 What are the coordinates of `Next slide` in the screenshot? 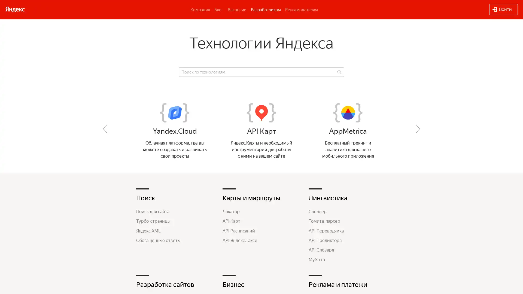 It's located at (418, 129).